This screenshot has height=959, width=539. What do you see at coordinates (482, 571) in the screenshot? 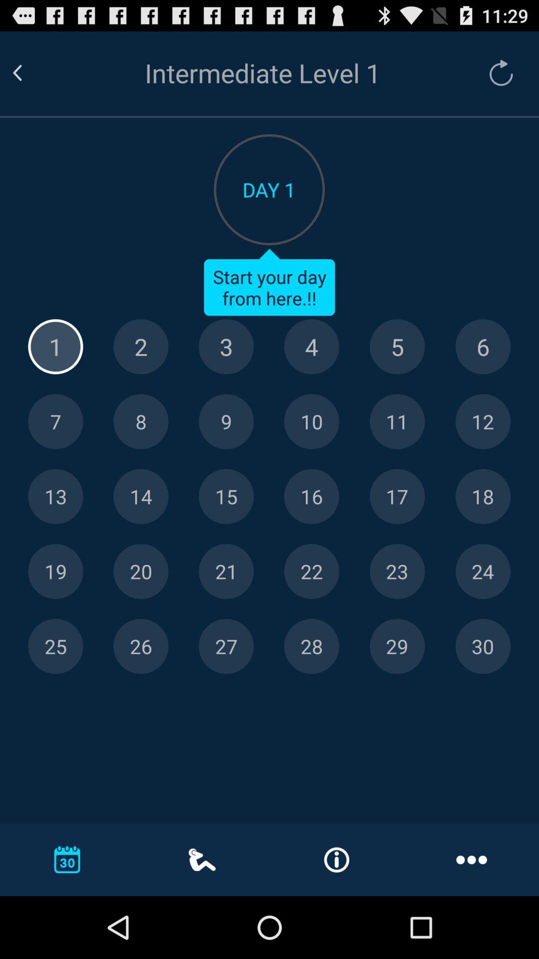
I see `open the 24th day` at bounding box center [482, 571].